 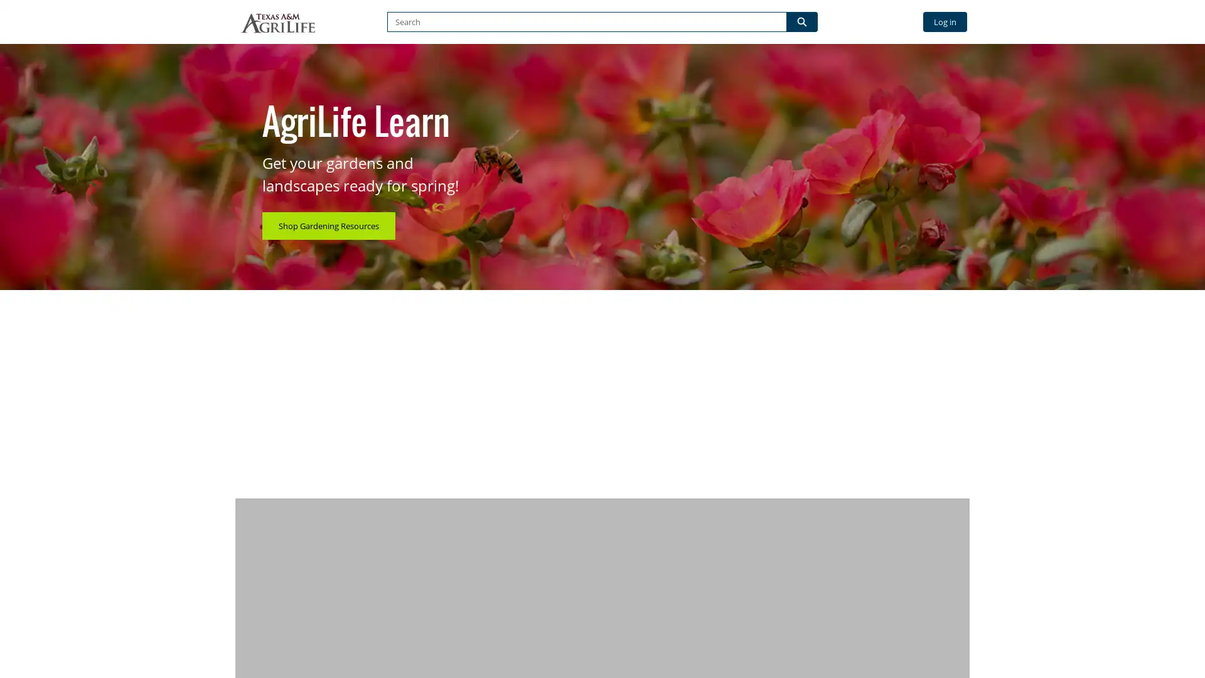 I want to click on Search, so click(x=801, y=21).